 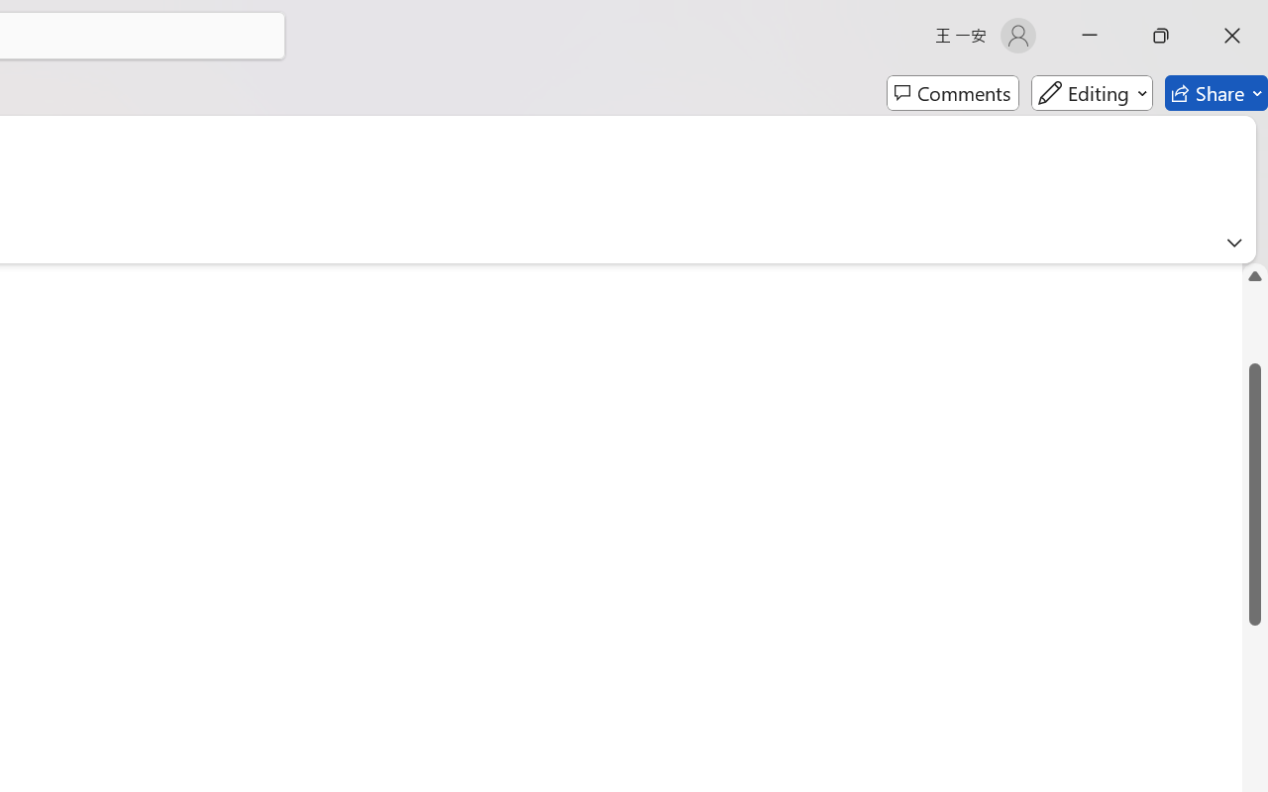 What do you see at coordinates (1089, 35) in the screenshot?
I see `'Minimize'` at bounding box center [1089, 35].